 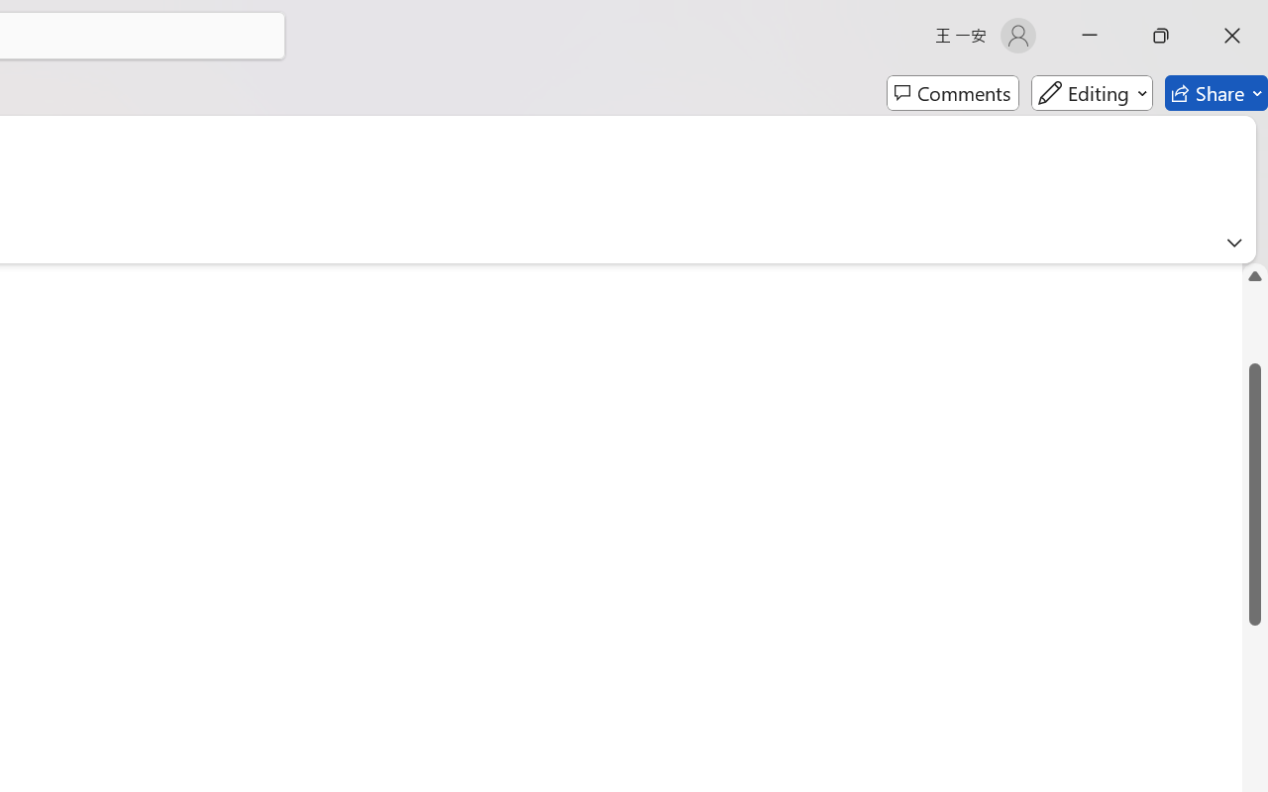 What do you see at coordinates (1089, 35) in the screenshot?
I see `'Minimize'` at bounding box center [1089, 35].